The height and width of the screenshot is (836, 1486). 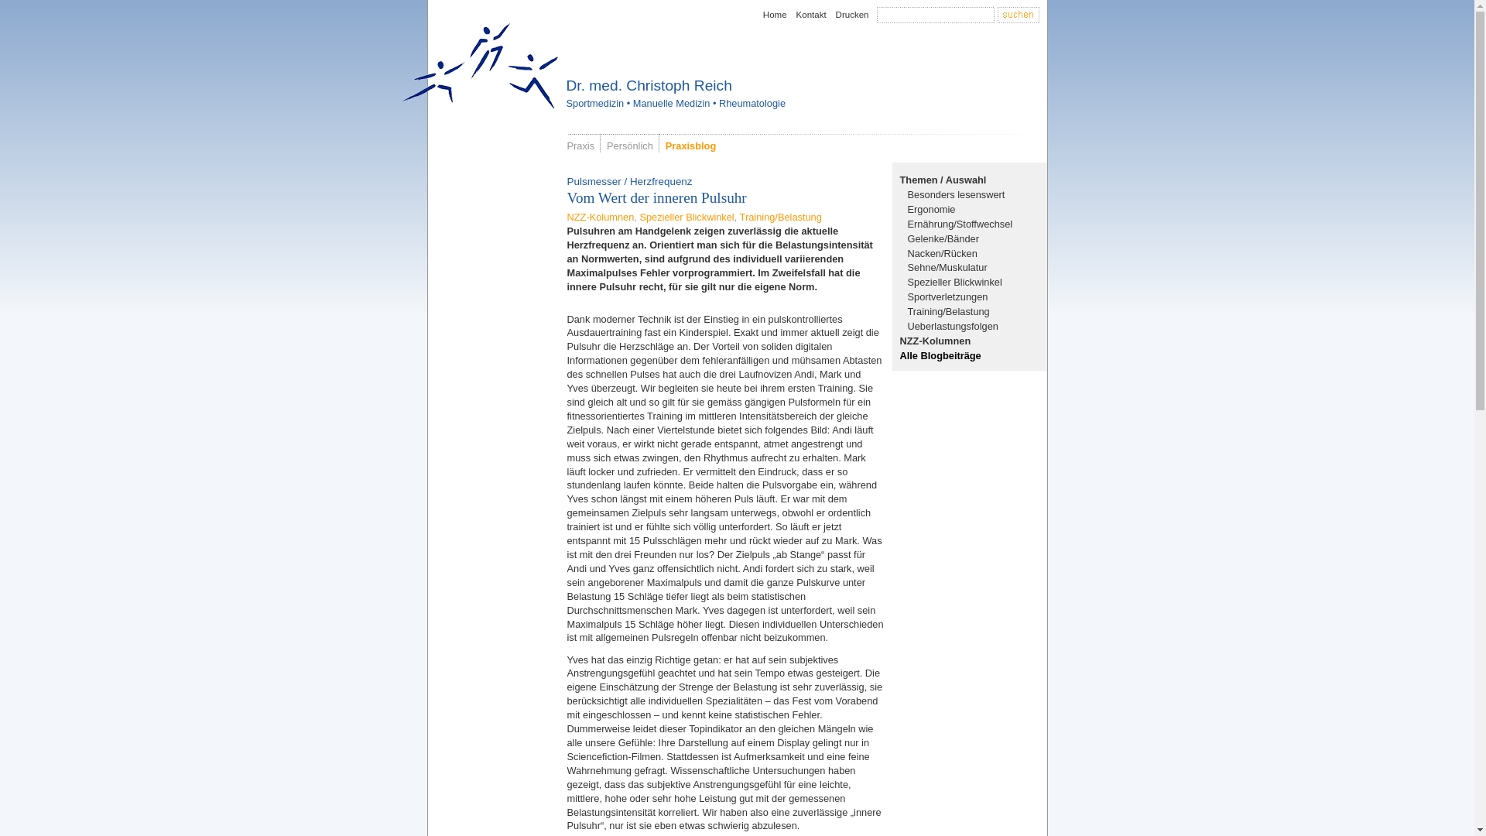 What do you see at coordinates (686, 217) in the screenshot?
I see `'Spezieller Blickwinkel'` at bounding box center [686, 217].